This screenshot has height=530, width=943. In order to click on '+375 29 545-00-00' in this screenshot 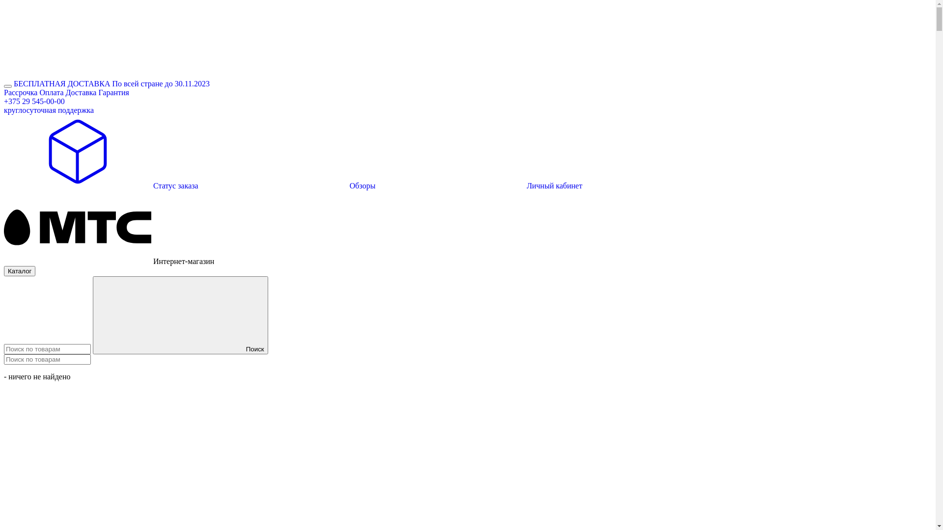, I will do `click(34, 101)`.